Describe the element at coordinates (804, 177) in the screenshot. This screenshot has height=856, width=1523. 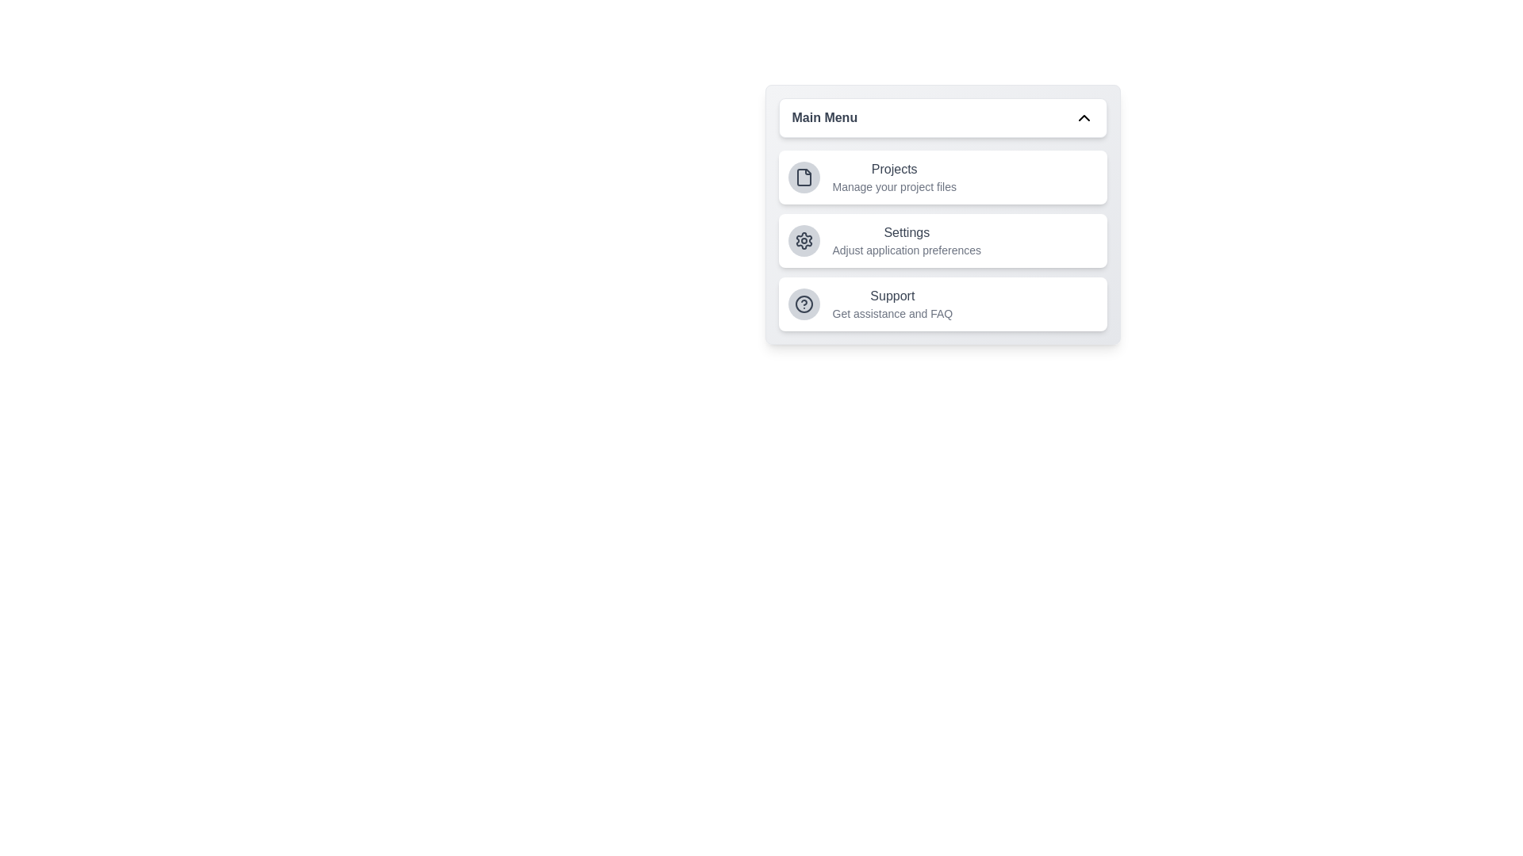
I see `the menu item icon corresponding to Projects` at that location.